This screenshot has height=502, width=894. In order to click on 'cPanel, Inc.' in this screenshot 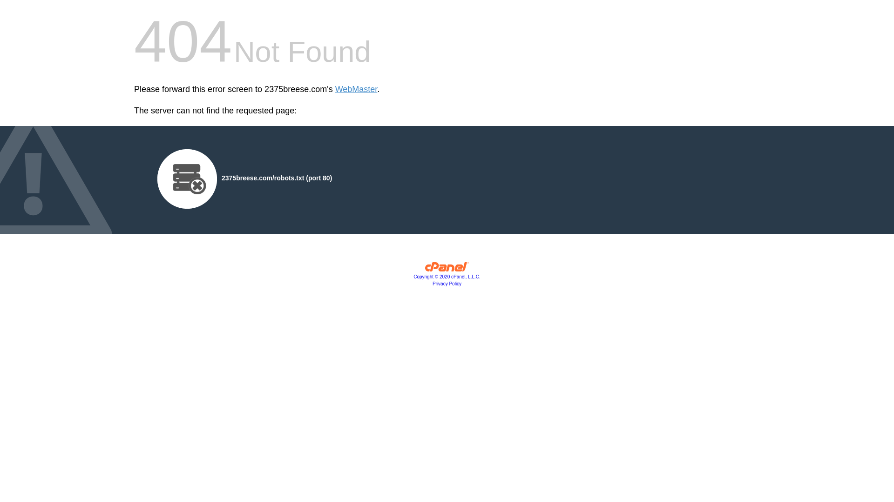, I will do `click(447, 269)`.